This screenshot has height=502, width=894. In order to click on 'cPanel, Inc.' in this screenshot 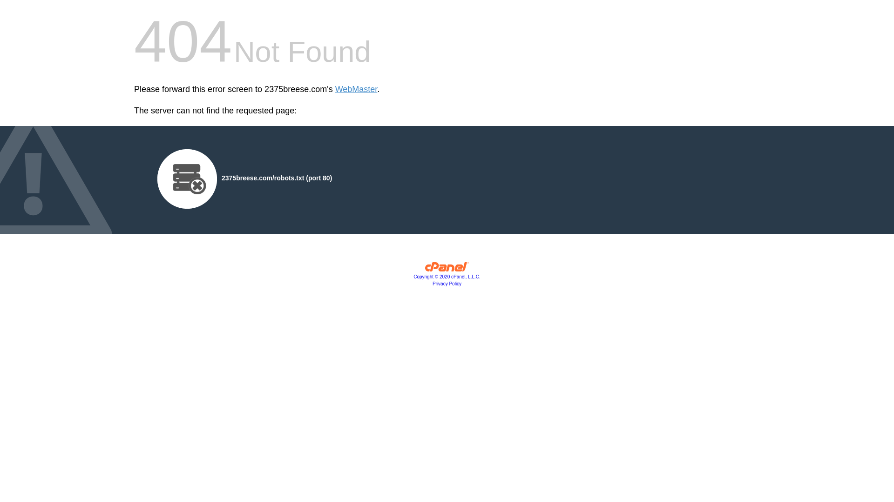, I will do `click(447, 269)`.